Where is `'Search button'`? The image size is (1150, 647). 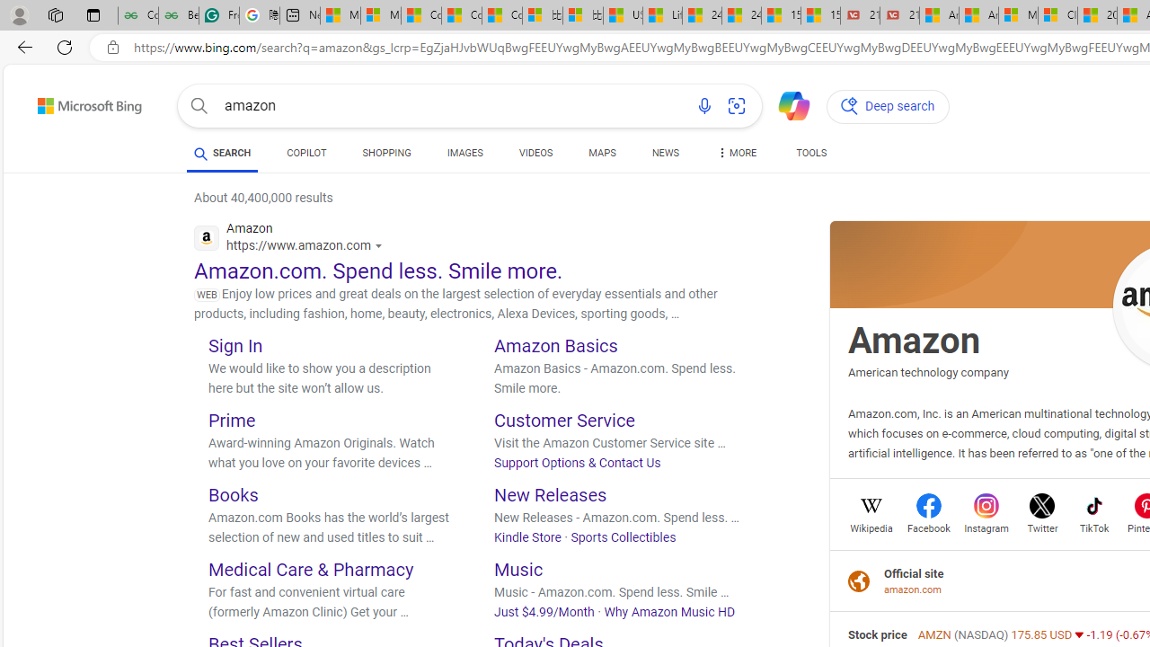
'Search button' is located at coordinates (199, 106).